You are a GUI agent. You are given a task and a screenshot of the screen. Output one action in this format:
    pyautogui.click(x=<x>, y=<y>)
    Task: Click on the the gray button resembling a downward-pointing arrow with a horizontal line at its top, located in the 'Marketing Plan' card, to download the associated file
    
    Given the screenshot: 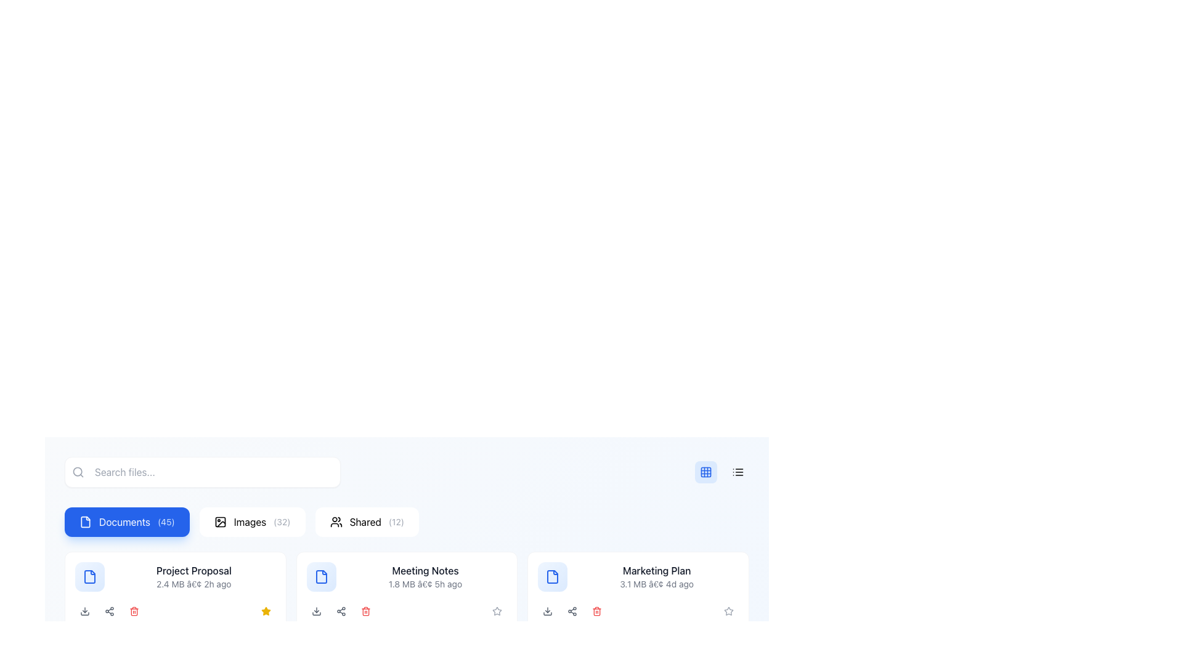 What is the action you would take?
    pyautogui.click(x=547, y=611)
    